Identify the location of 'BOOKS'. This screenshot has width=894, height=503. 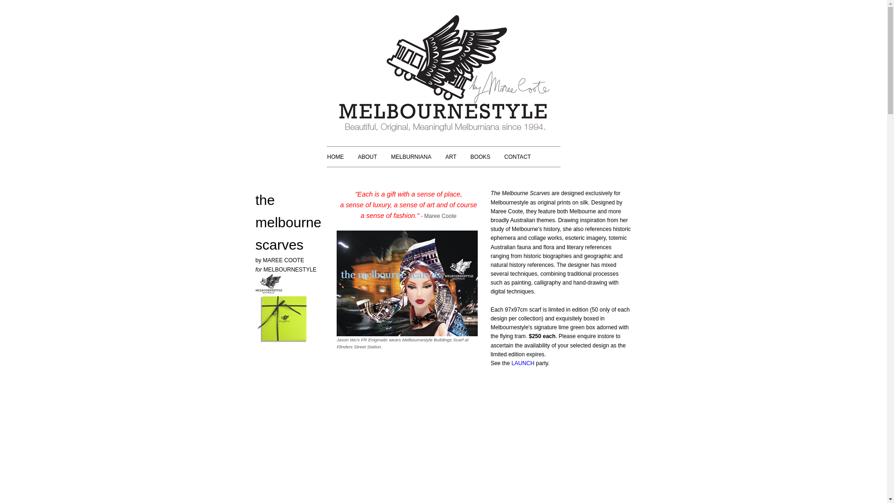
(480, 156).